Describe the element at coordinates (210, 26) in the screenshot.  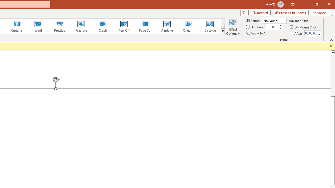
I see `'Dissolve'` at that location.